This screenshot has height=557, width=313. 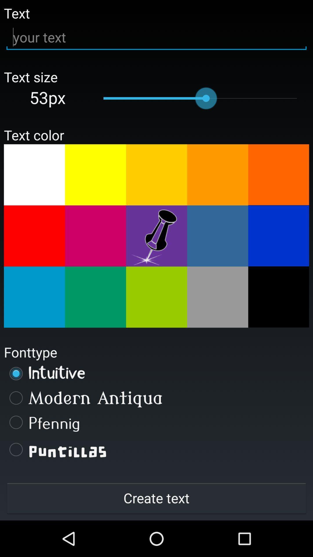 What do you see at coordinates (218, 236) in the screenshot?
I see `change text color to light blue` at bounding box center [218, 236].